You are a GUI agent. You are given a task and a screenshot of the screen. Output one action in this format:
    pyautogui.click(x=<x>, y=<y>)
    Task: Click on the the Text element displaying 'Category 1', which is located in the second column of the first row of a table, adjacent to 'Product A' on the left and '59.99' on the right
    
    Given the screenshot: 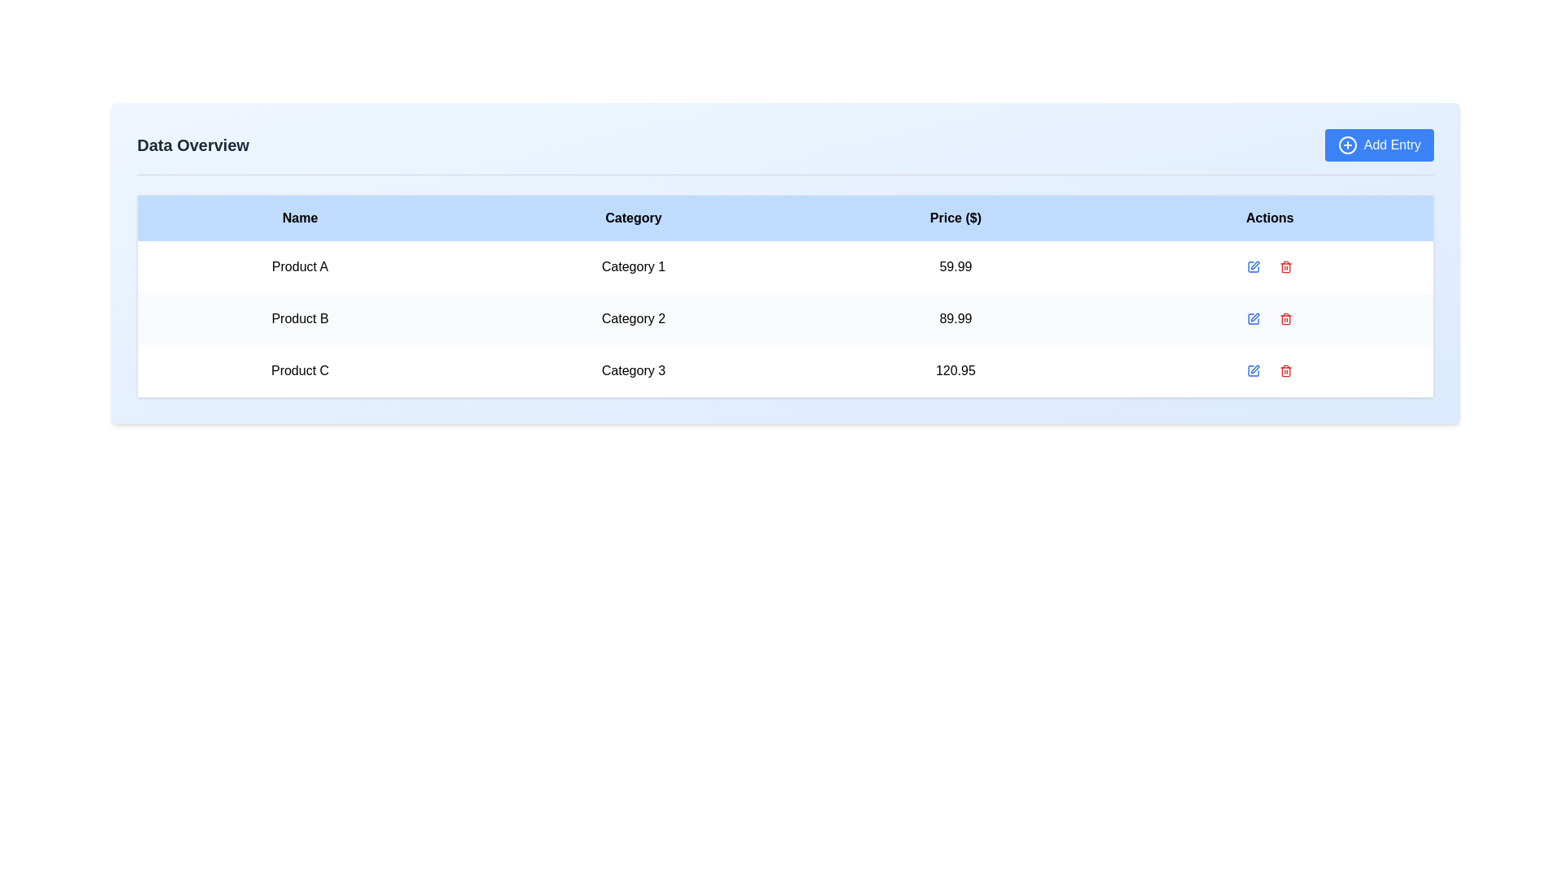 What is the action you would take?
    pyautogui.click(x=632, y=266)
    